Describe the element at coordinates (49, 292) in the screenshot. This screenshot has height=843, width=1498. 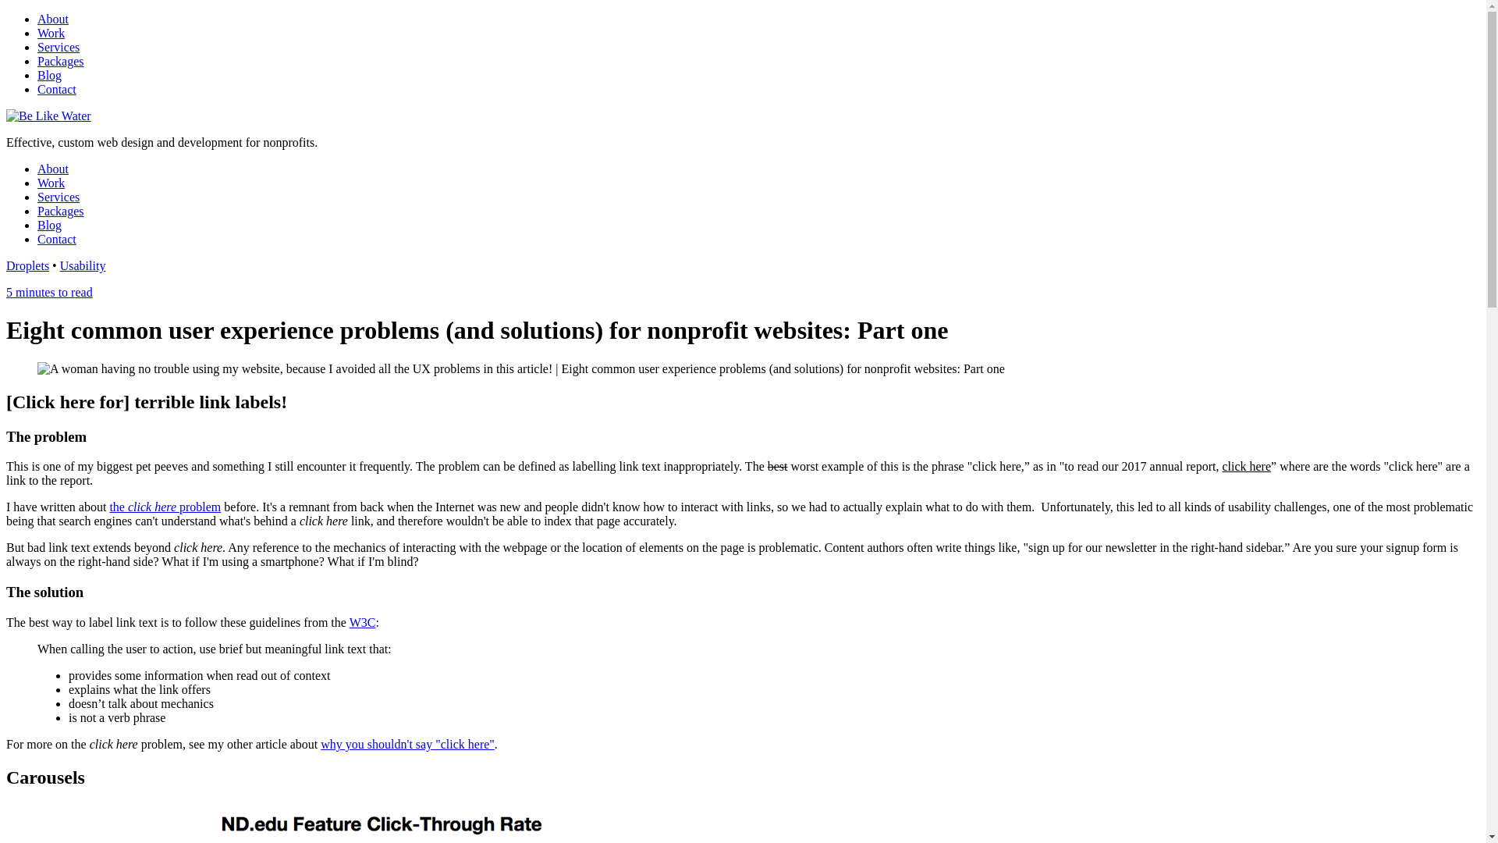
I see `'5 minutes to read'` at that location.